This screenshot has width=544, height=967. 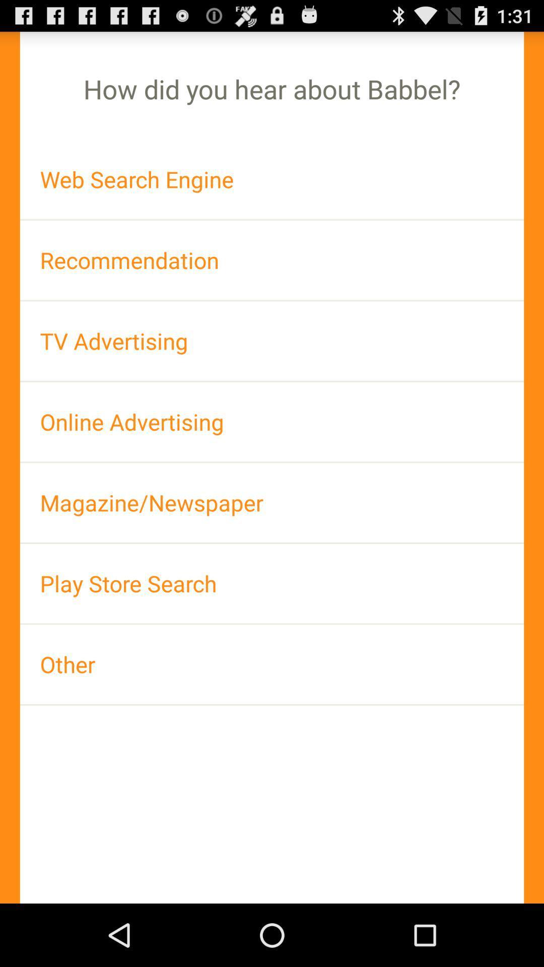 What do you see at coordinates (272, 260) in the screenshot?
I see `the recommendation` at bounding box center [272, 260].